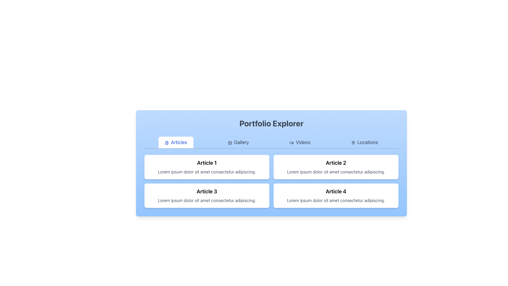  Describe the element at coordinates (166, 142) in the screenshot. I see `the 'Articles' tab icon located to the left of the 'Articles' label in the 'Portfolio Explorer' section` at that location.